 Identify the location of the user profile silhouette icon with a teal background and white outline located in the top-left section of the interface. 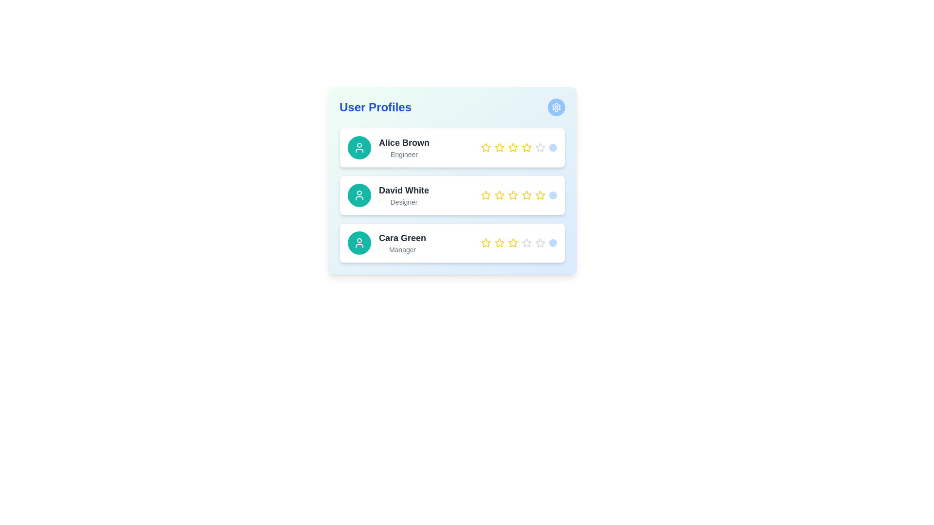
(359, 243).